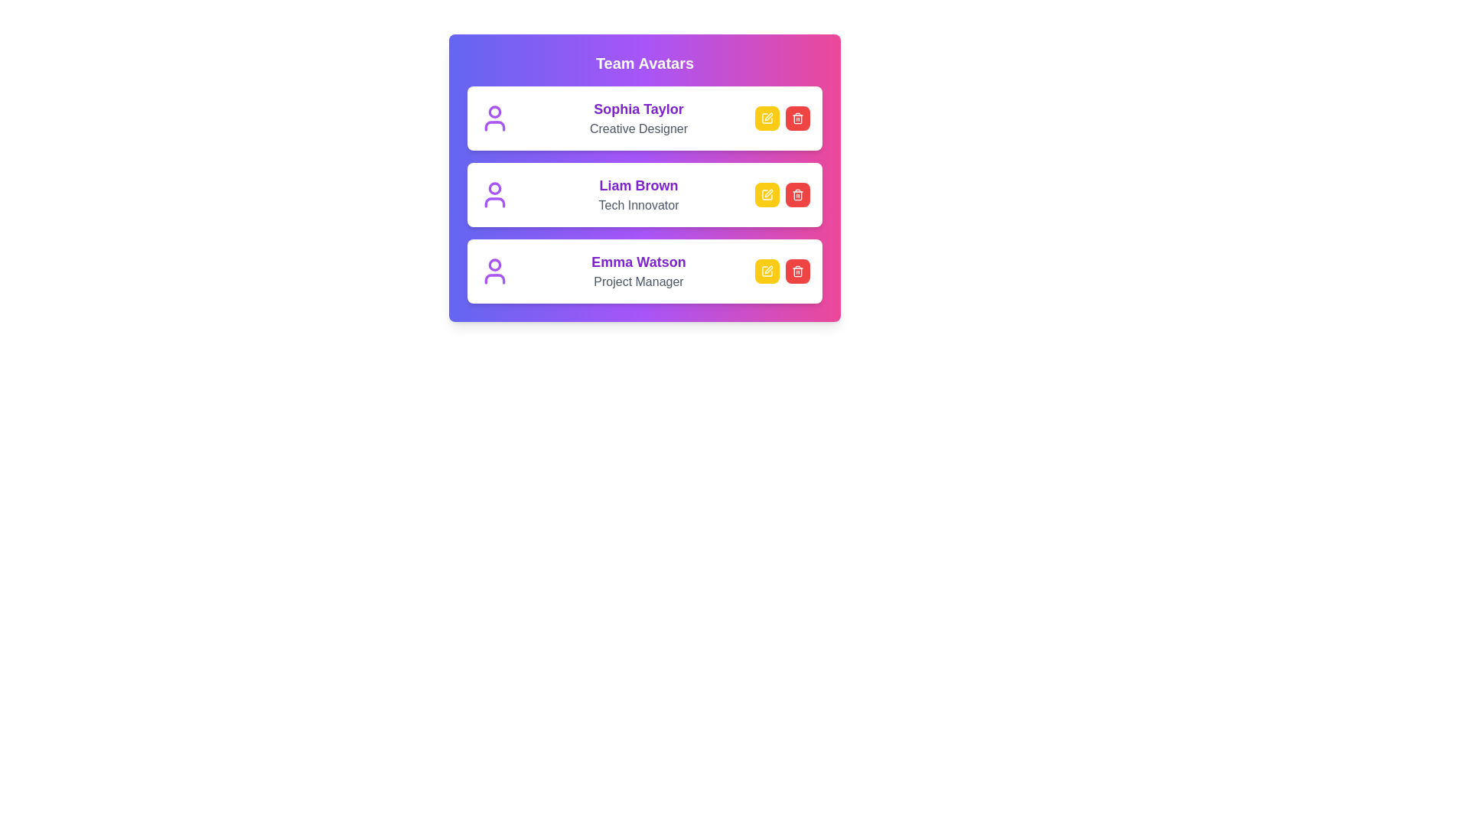 This screenshot has width=1469, height=826. I want to click on the 'Edit' button with an embedded icon for the 'Liam Brown' entry, which is the first icon inside the yellow button in the action set of the row, so click(767, 193).